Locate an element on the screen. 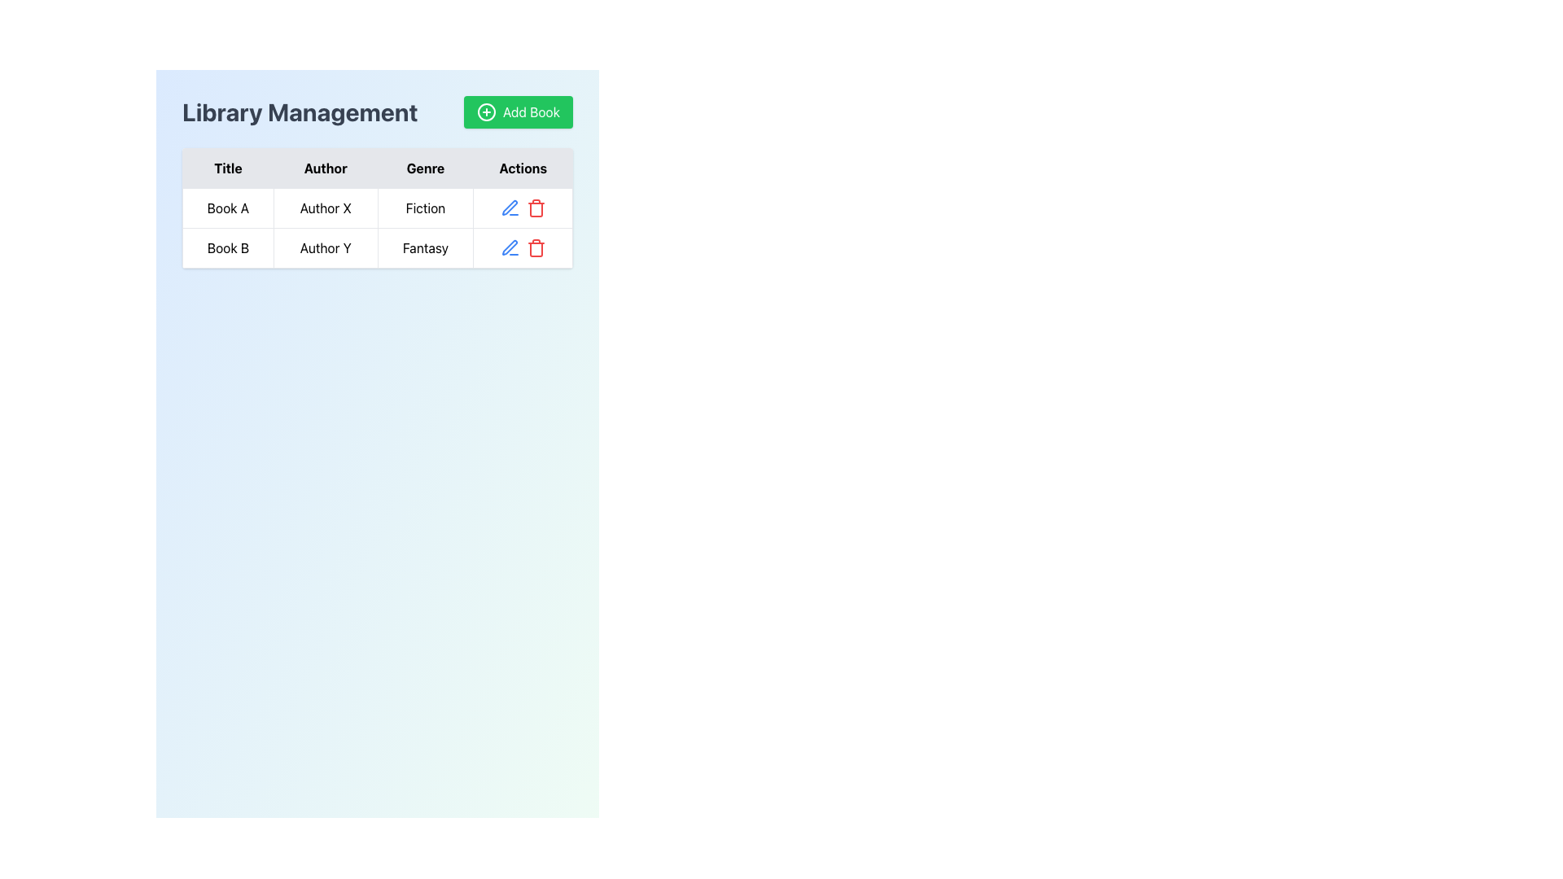  the blue pen icon in the 'Actions' column of the second row in the 'Library Management' table is located at coordinates (509, 207).